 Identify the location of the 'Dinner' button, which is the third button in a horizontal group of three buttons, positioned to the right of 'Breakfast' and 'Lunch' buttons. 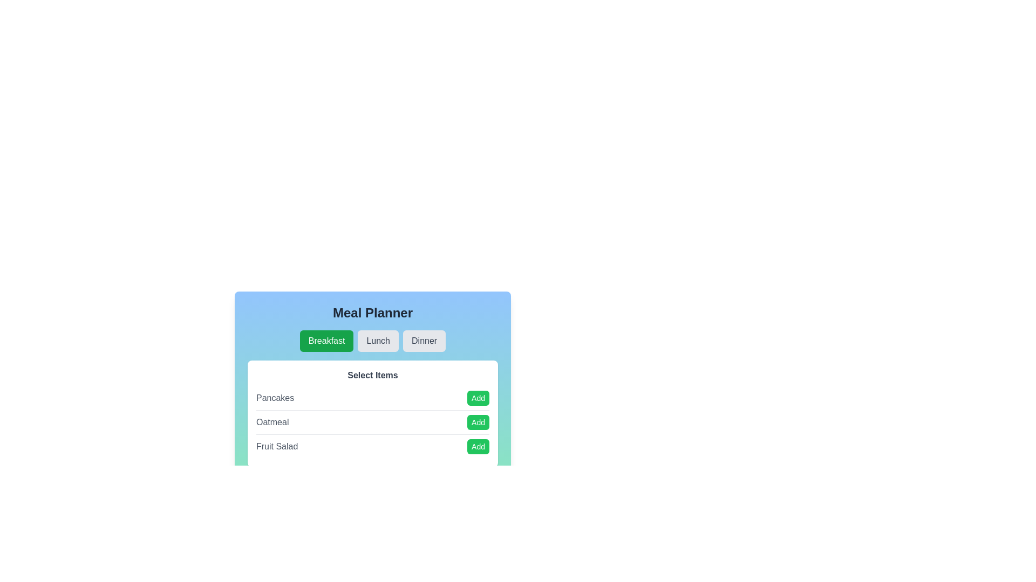
(424, 341).